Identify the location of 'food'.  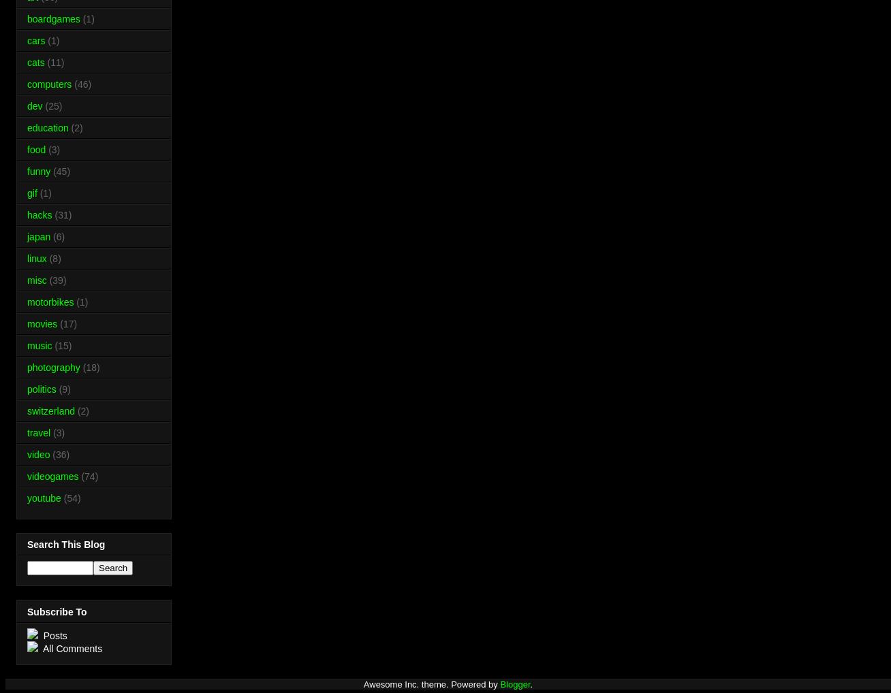
(36, 148).